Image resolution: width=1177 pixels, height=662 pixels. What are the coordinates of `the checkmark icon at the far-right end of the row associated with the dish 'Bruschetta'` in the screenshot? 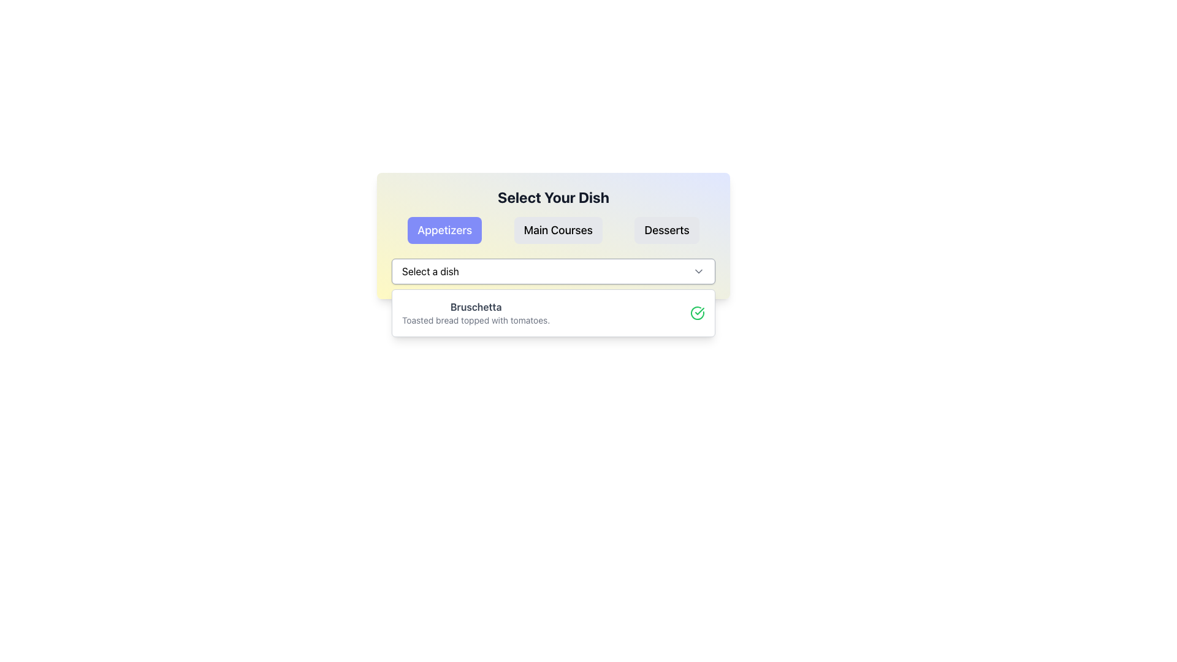 It's located at (697, 312).